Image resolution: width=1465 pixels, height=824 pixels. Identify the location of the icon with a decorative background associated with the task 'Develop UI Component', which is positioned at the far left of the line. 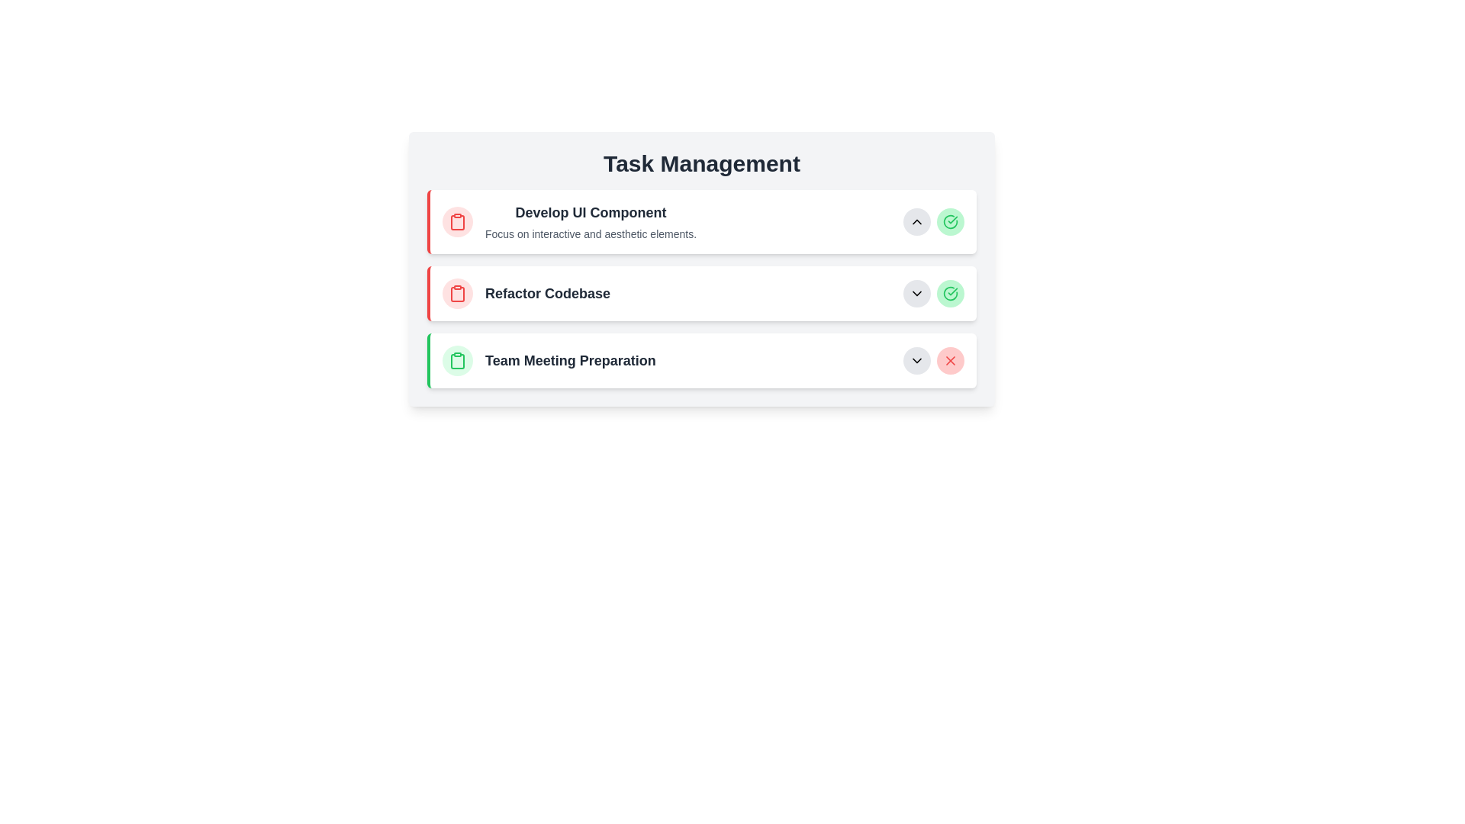
(457, 221).